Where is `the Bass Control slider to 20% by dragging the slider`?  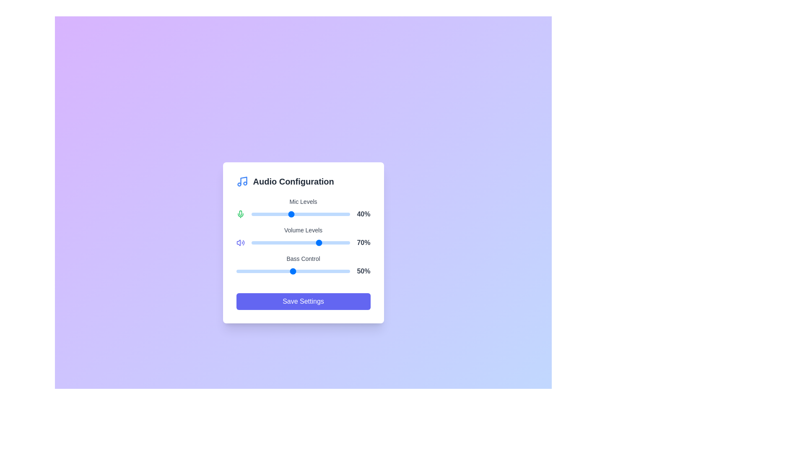
the Bass Control slider to 20% by dragging the slider is located at coordinates (258, 271).